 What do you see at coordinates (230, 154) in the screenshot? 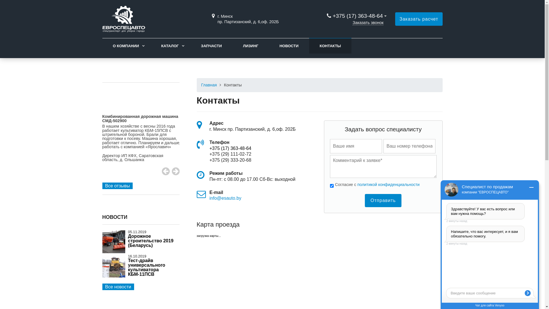
I see `'+375 (29) 111-02-72'` at bounding box center [230, 154].